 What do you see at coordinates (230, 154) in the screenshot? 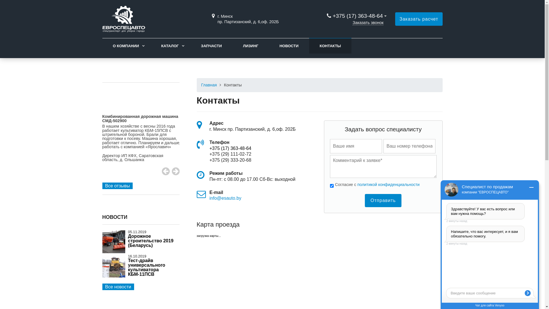
I see `'+375 (29) 111-02-72'` at bounding box center [230, 154].